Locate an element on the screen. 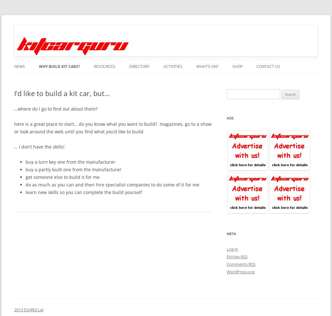  'Search for:' is located at coordinates (236, 93).